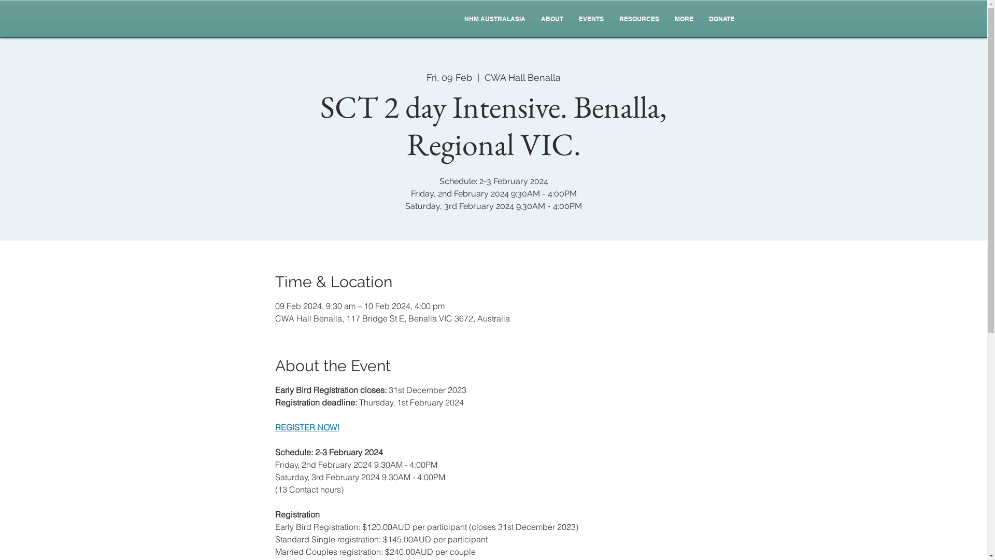 The height and width of the screenshot is (560, 995). Describe the element at coordinates (532, 19) in the screenshot. I see `'ABOUT'` at that location.